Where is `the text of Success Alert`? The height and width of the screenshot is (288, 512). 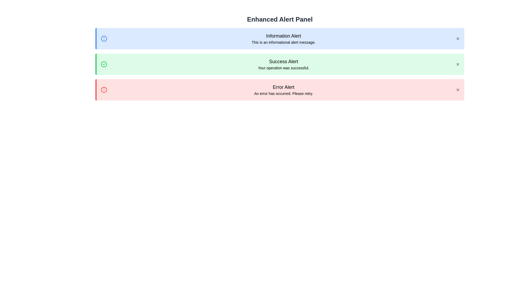 the text of Success Alert is located at coordinates (279, 61).